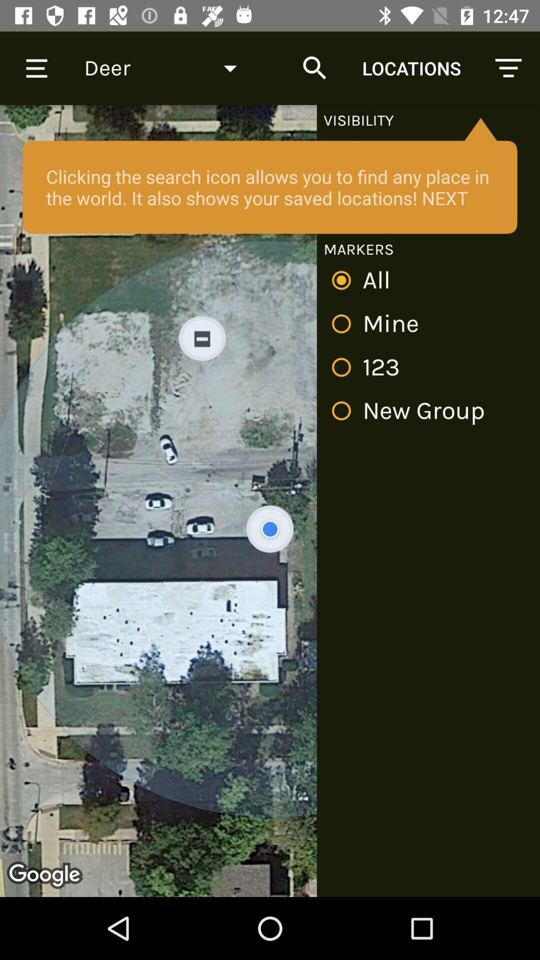 Image resolution: width=540 pixels, height=960 pixels. What do you see at coordinates (369, 367) in the screenshot?
I see `the option 123 on the web page` at bounding box center [369, 367].